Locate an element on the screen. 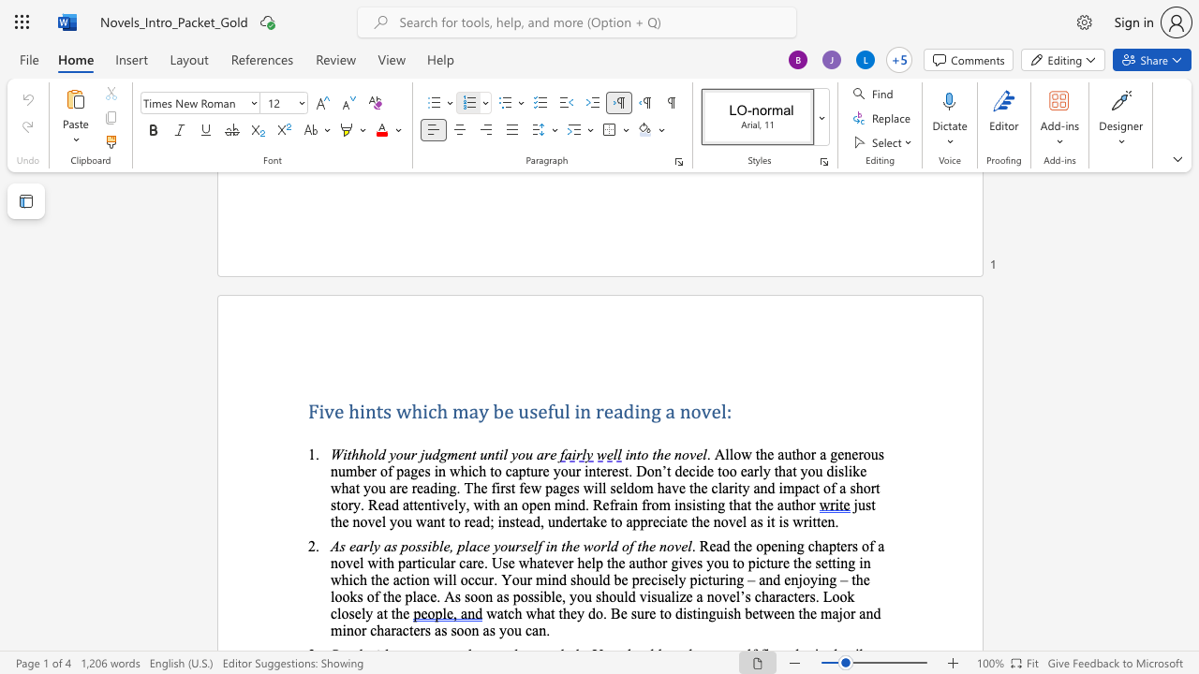  the space between the continuous character "g" and "u" in the text is located at coordinates (715, 613).